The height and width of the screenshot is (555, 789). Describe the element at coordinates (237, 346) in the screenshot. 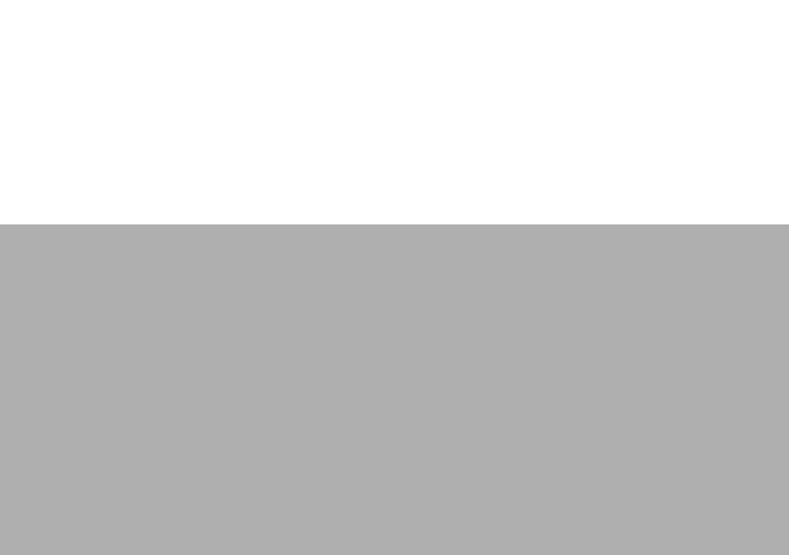

I see `'Instruments'` at that location.